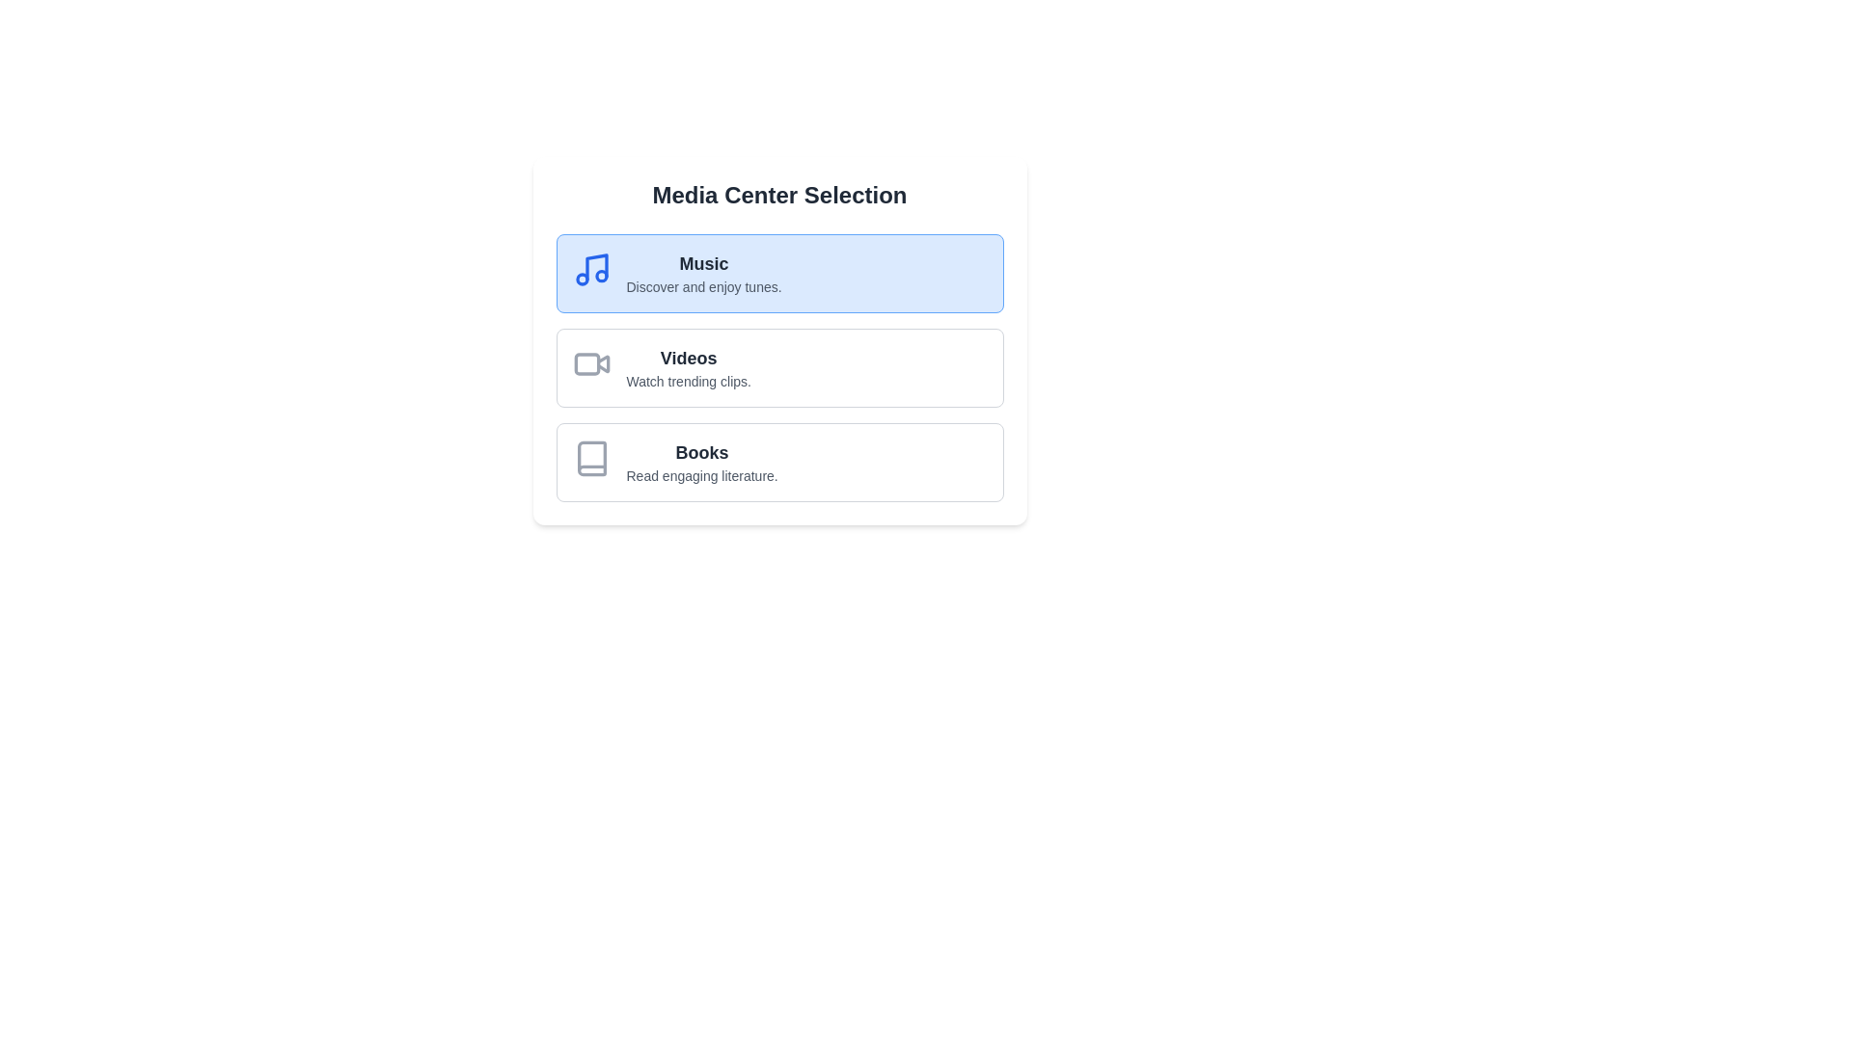 The height and width of the screenshot is (1041, 1852). Describe the element at coordinates (600, 276) in the screenshot. I see `the small blue circular marker within the musical note graphic at the upper-left corner of the 'Music' card in the 'Media Center Selection' interface` at that location.